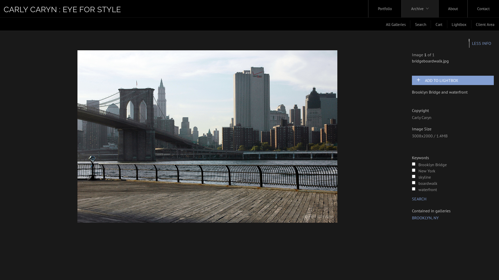  Describe the element at coordinates (452, 9) in the screenshot. I see `'About'` at that location.